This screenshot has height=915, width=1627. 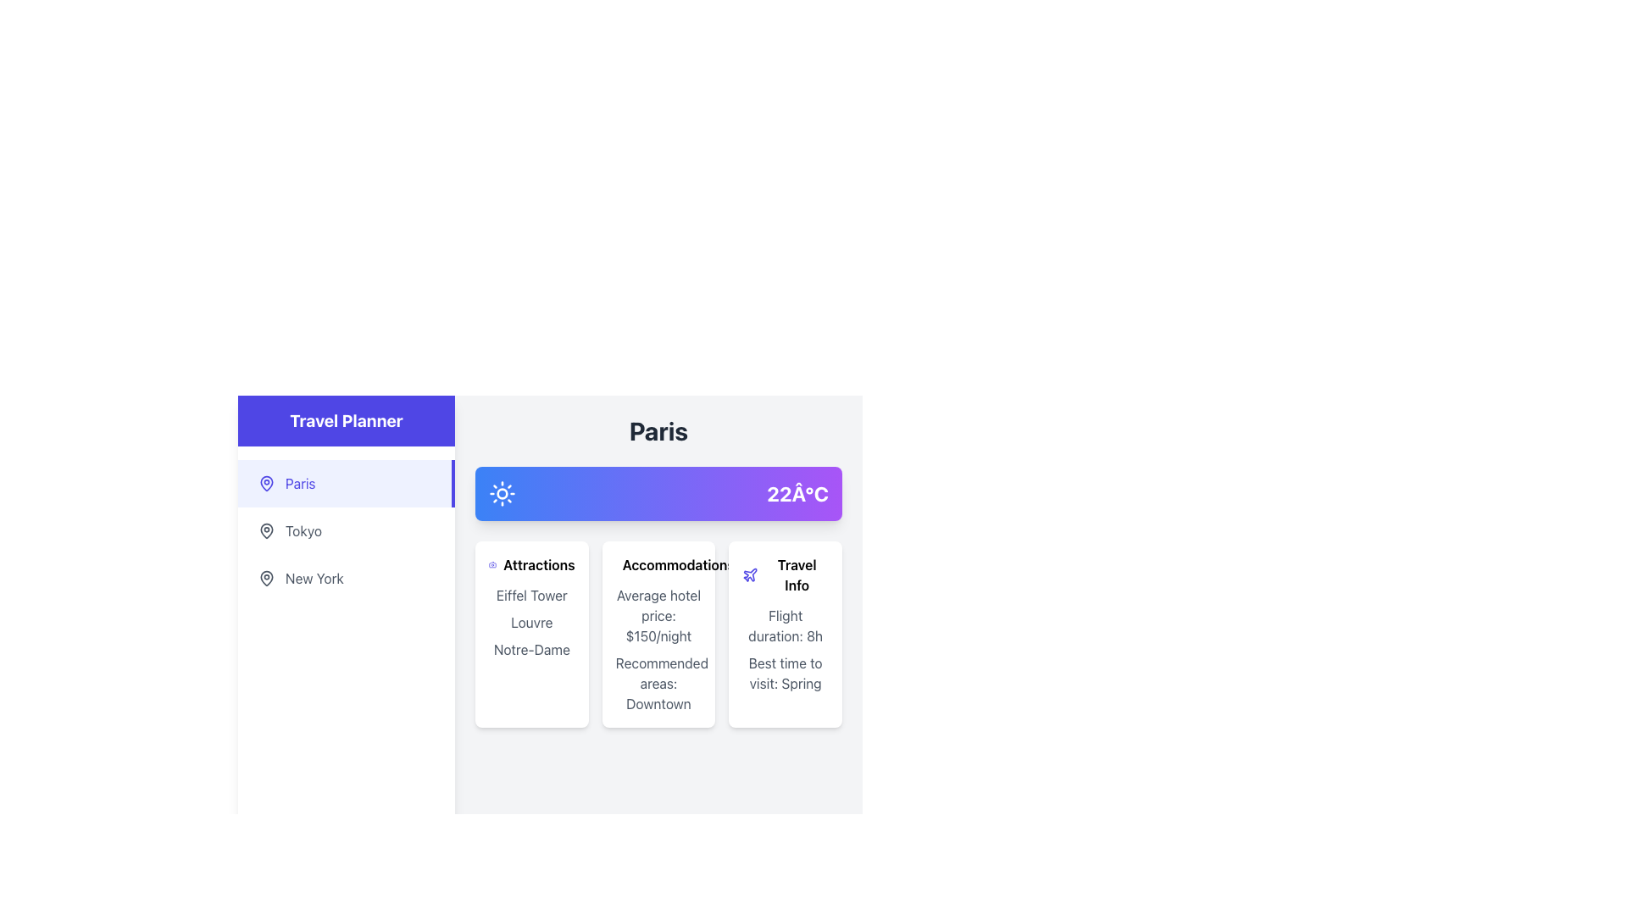 I want to click on the 'Tokyo' menu item, which is located between 'Paris' and 'New York' in the vertical menu, so click(x=345, y=530).